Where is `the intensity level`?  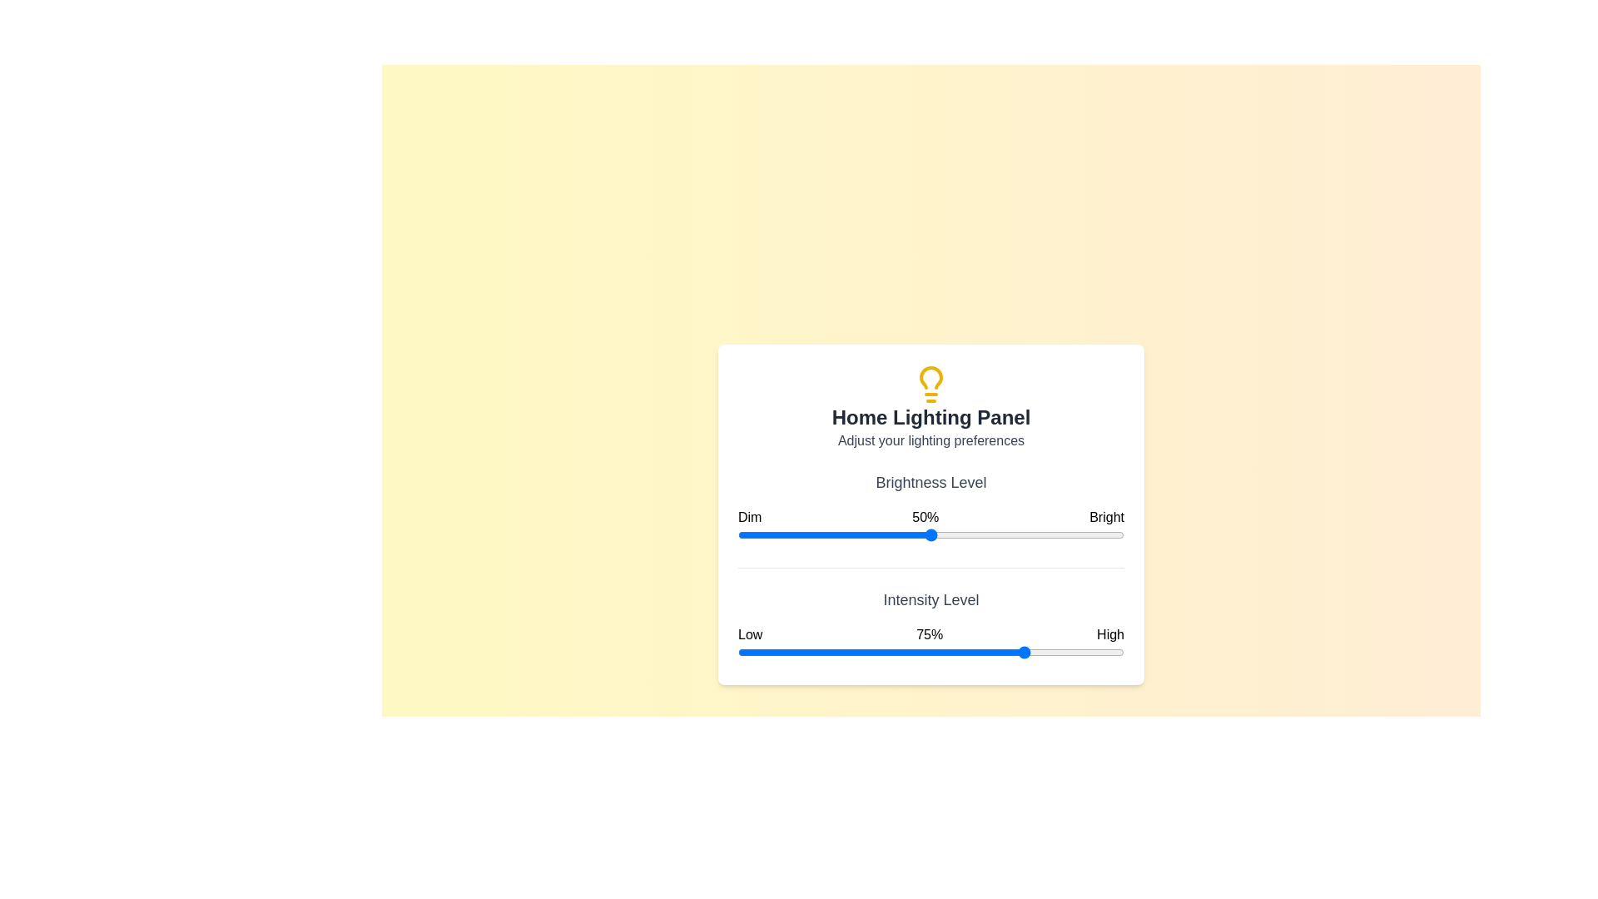
the intensity level is located at coordinates (822, 651).